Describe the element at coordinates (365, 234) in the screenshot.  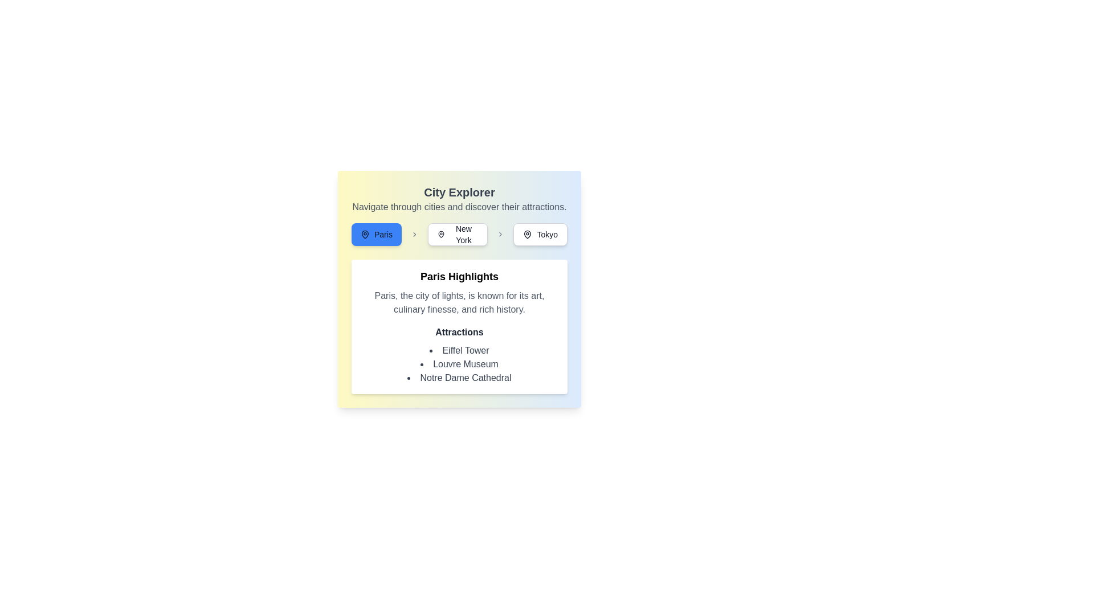
I see `the geographical location SVG icon that is the leftmost component of the 'Paris' button` at that location.